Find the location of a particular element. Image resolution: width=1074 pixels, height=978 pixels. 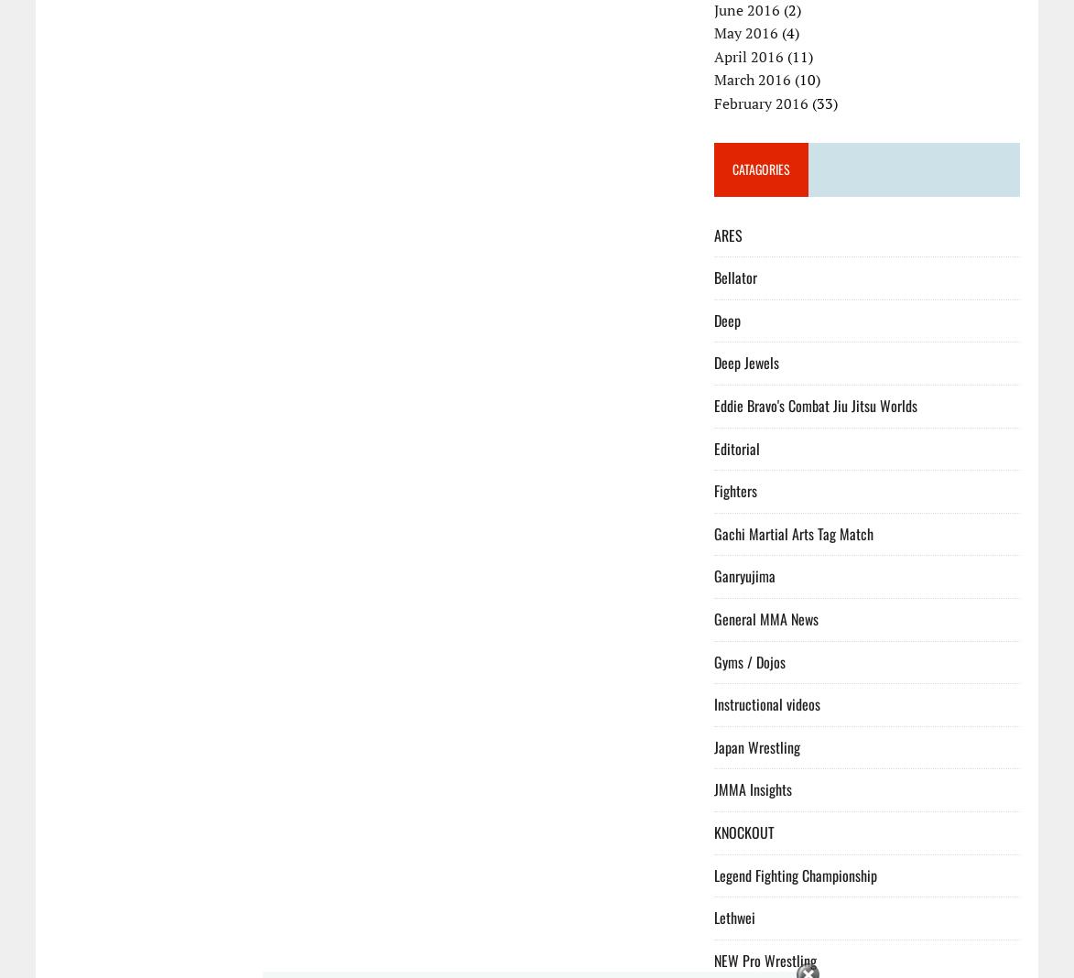

'NEW Pro Wrestling' is located at coordinates (765, 960).